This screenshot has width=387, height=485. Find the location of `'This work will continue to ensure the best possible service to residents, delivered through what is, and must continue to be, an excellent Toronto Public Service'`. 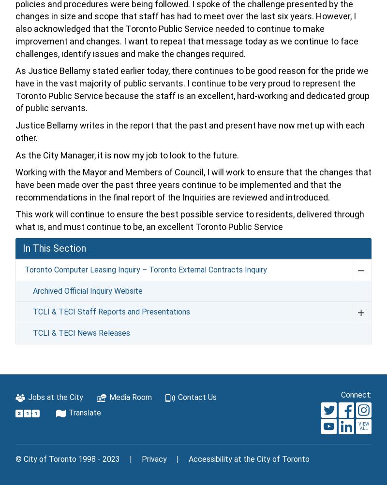

'This work will continue to ensure the best possible service to residents, delivered through what is, and must continue to be, an excellent Toronto Public Service' is located at coordinates (189, 220).